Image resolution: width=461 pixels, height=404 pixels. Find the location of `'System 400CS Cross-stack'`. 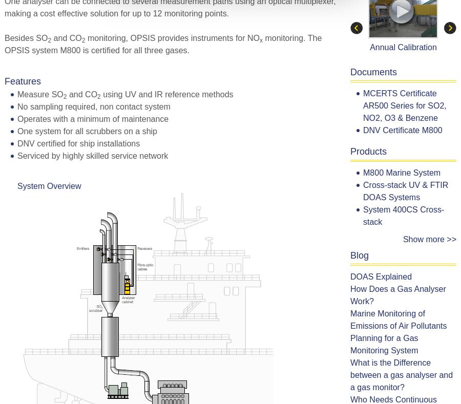

'System 400CS Cross-stack' is located at coordinates (404, 215).